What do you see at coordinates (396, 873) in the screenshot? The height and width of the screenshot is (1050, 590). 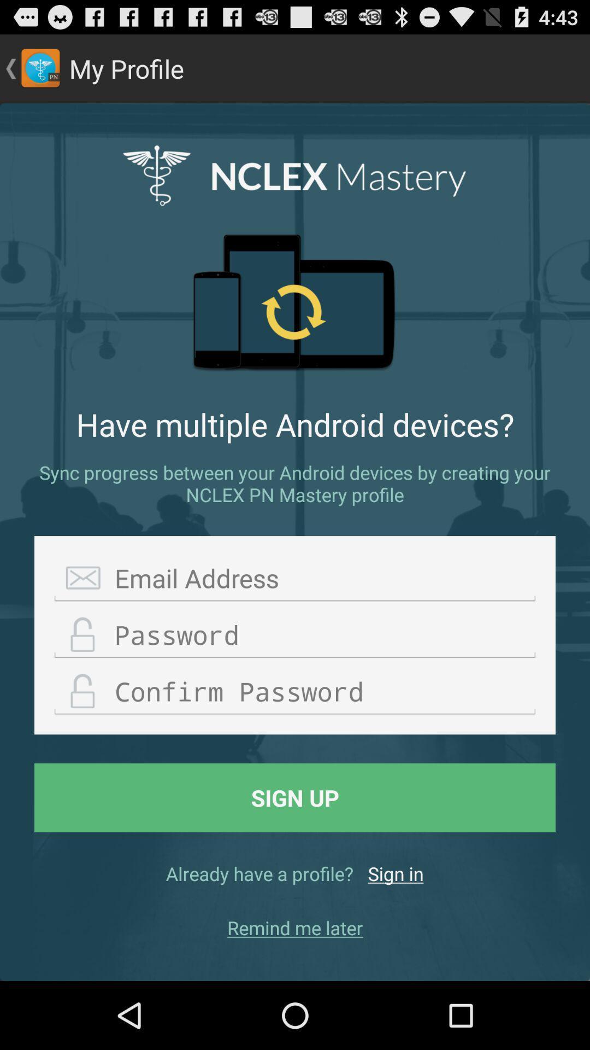 I see `app to the right of the already have a item` at bounding box center [396, 873].